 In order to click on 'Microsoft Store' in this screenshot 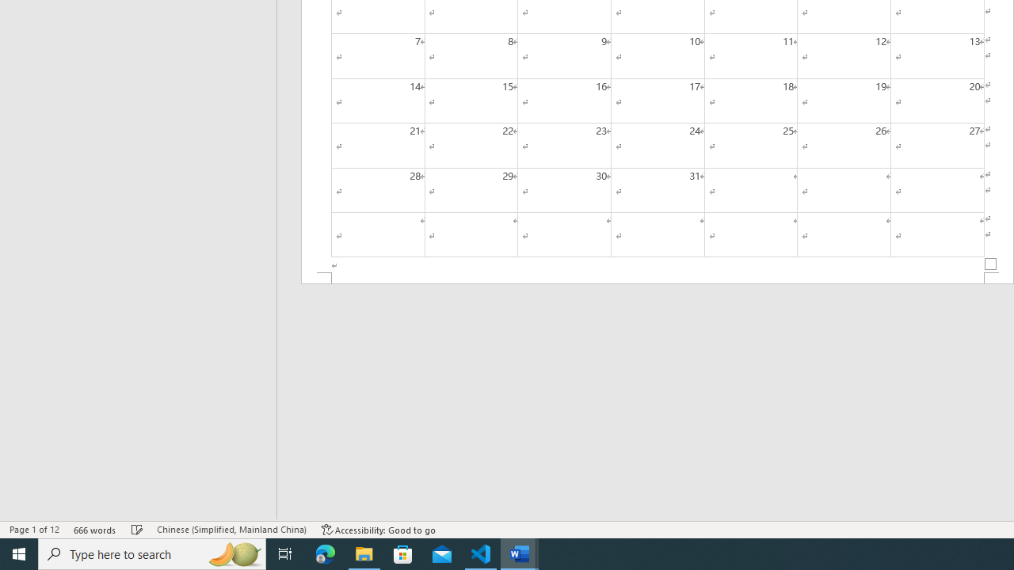, I will do `click(403, 553)`.